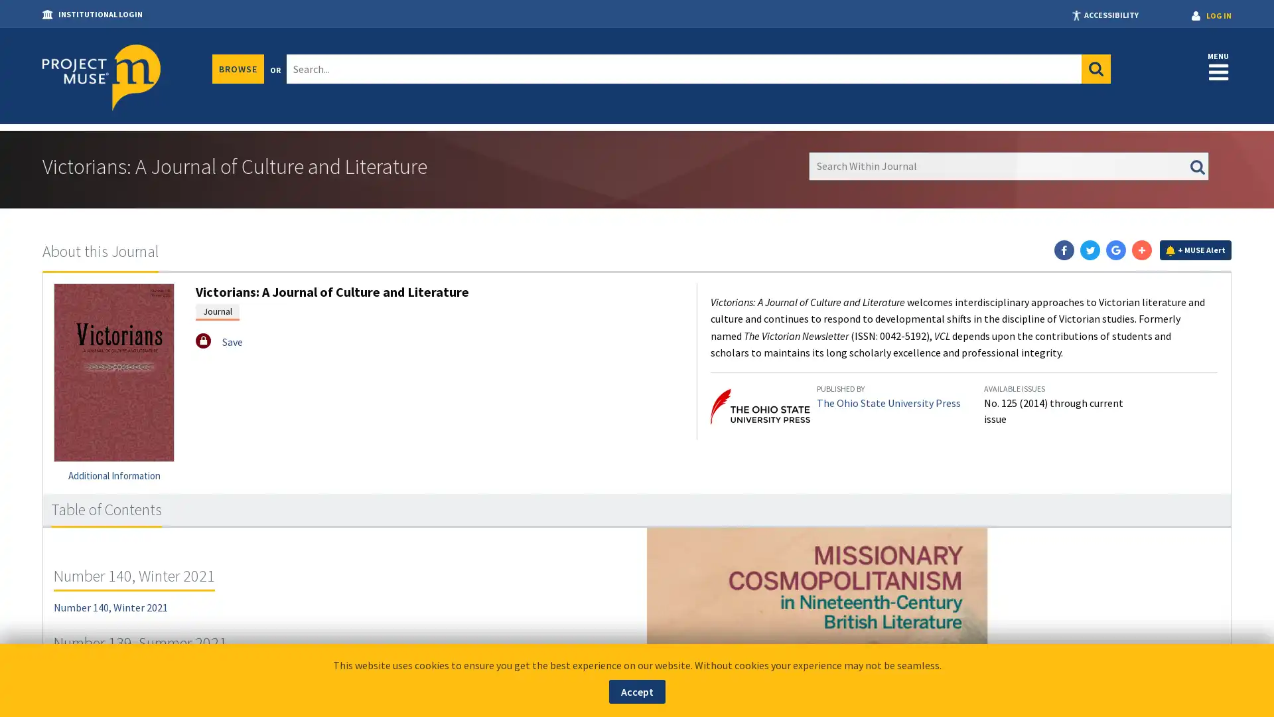 The height and width of the screenshot is (717, 1274). Describe the element at coordinates (1096, 69) in the screenshot. I see `search icon` at that location.